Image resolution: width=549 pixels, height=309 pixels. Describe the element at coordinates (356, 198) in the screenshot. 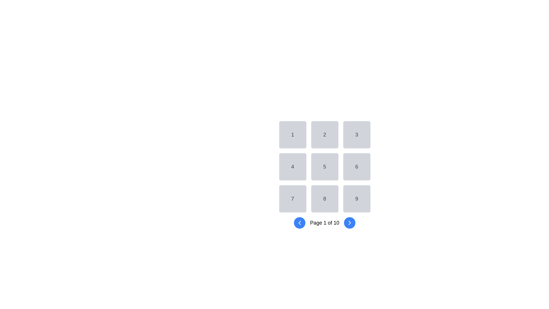

I see `the square button with a gray background and rounded corners that contains the number '9' in a larger font` at that location.